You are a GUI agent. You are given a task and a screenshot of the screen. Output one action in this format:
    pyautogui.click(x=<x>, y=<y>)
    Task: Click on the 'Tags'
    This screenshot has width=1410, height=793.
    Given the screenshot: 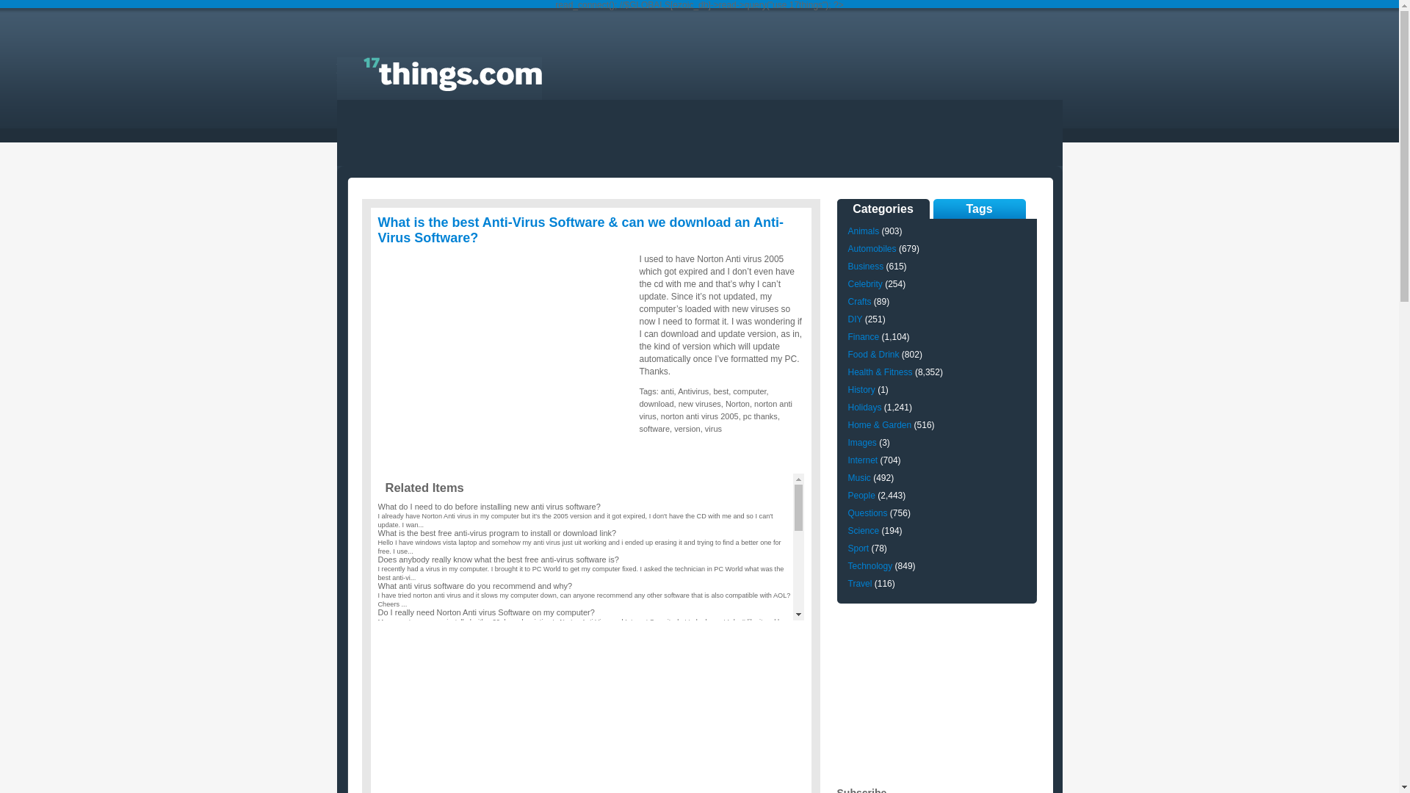 What is the action you would take?
    pyautogui.click(x=979, y=209)
    